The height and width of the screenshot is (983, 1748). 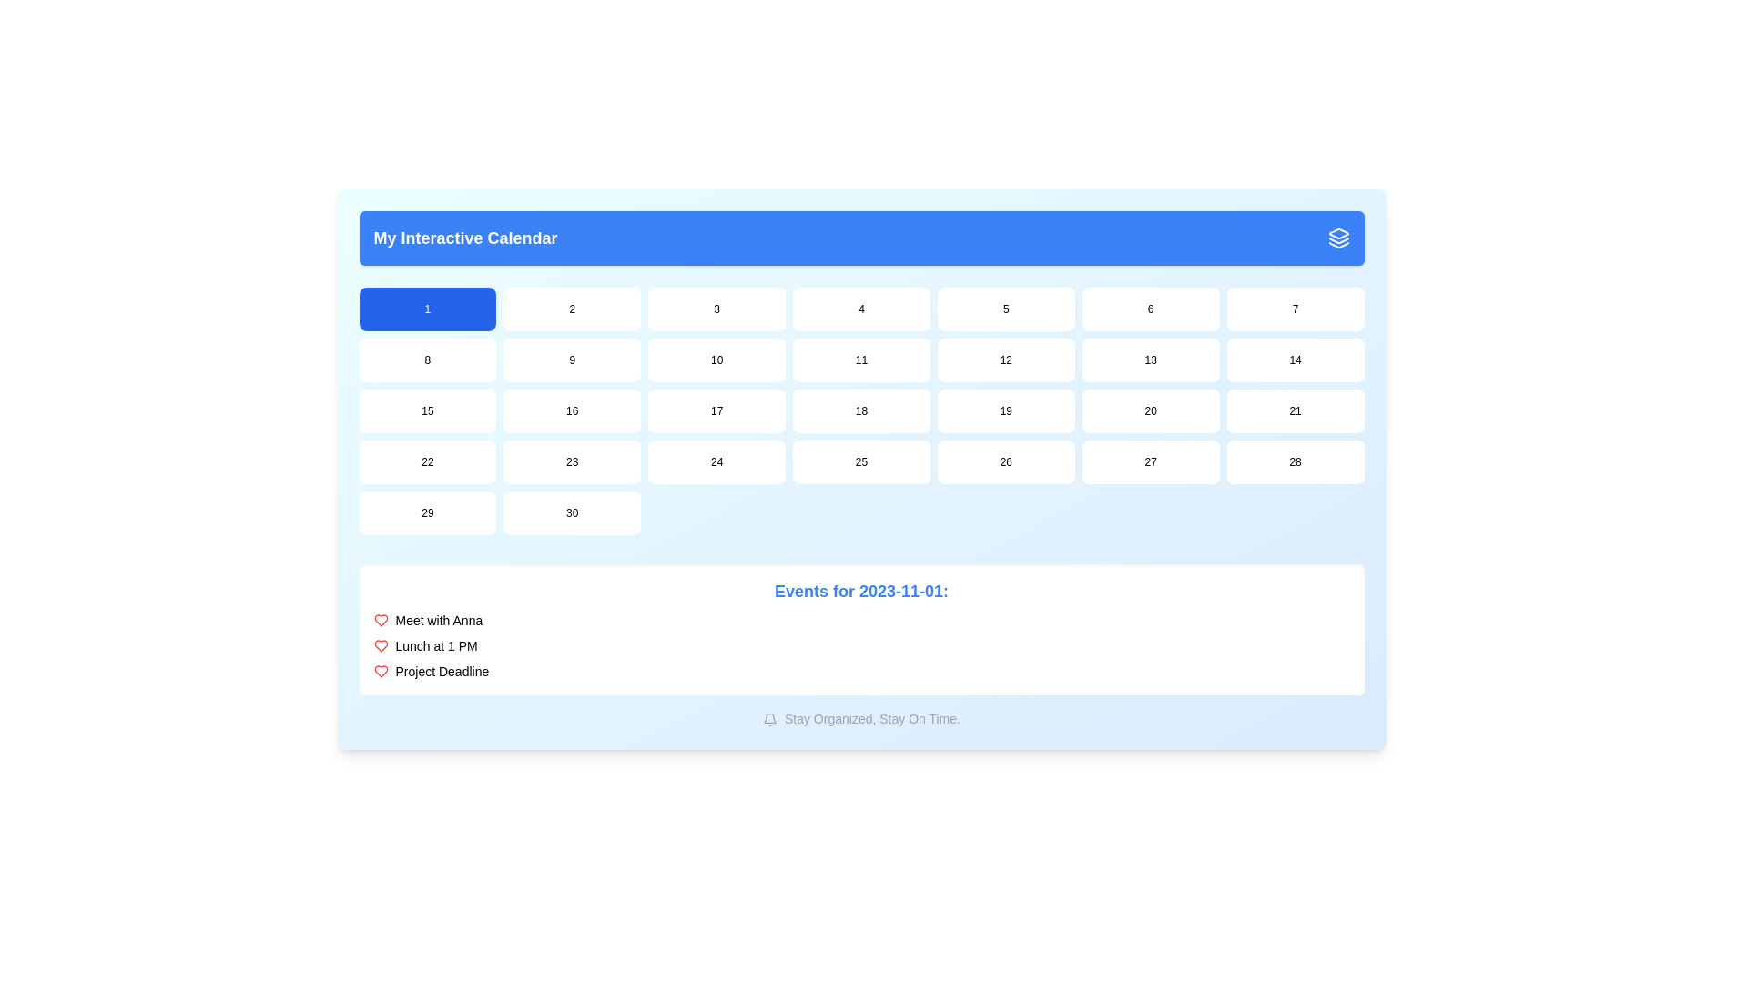 What do you see at coordinates (1005, 410) in the screenshot?
I see `the selectable day button in the calendar interface located in the fifth row and fifth column, adjacent to 18 on the left and 20 on the right` at bounding box center [1005, 410].